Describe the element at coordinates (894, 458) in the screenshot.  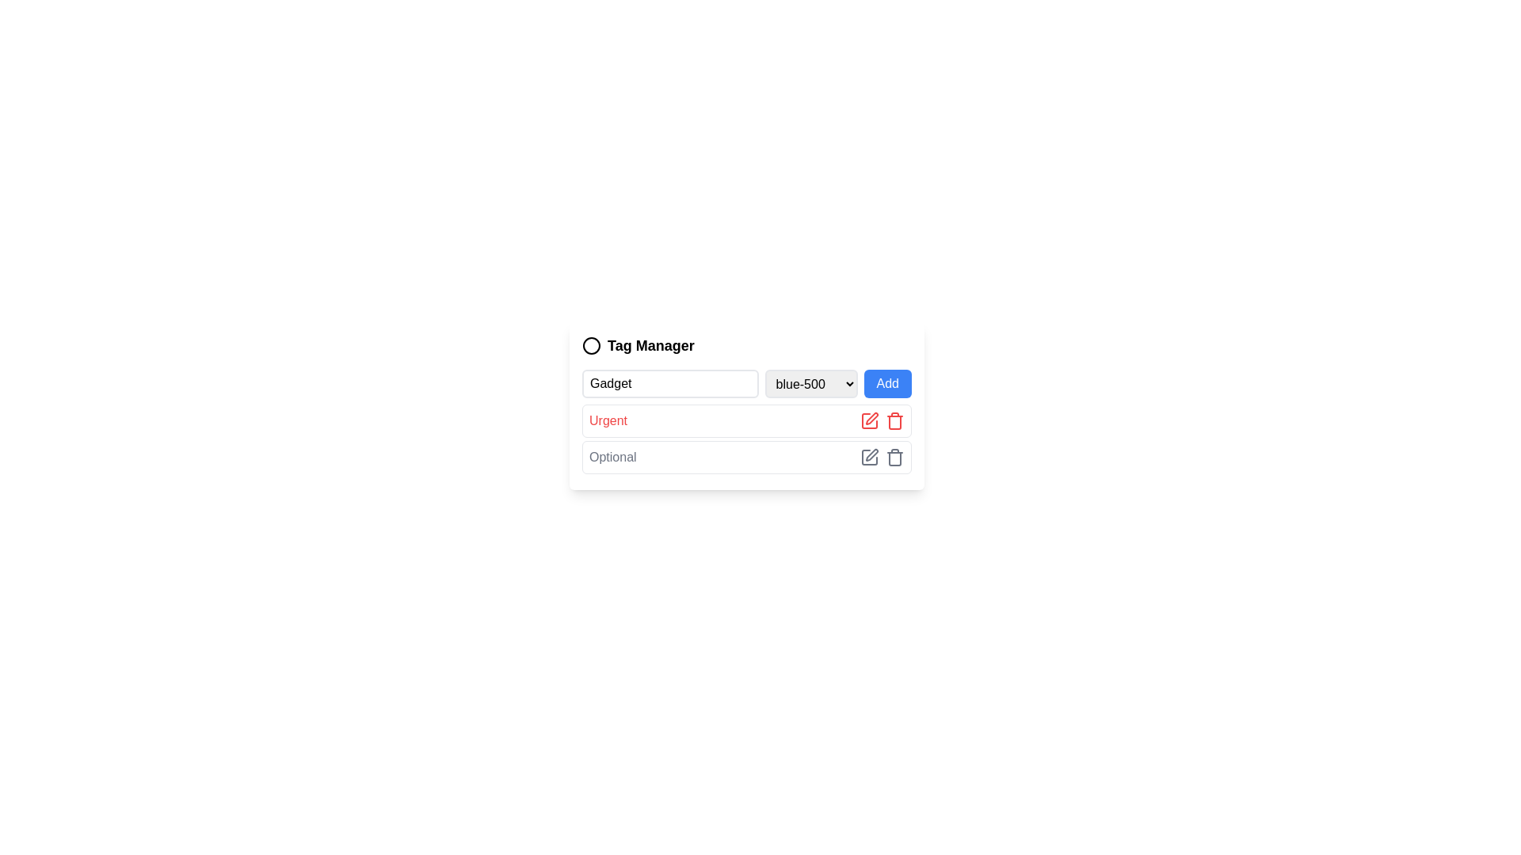
I see `the trash icon button located at the far right of the 'Optional' row` at that location.